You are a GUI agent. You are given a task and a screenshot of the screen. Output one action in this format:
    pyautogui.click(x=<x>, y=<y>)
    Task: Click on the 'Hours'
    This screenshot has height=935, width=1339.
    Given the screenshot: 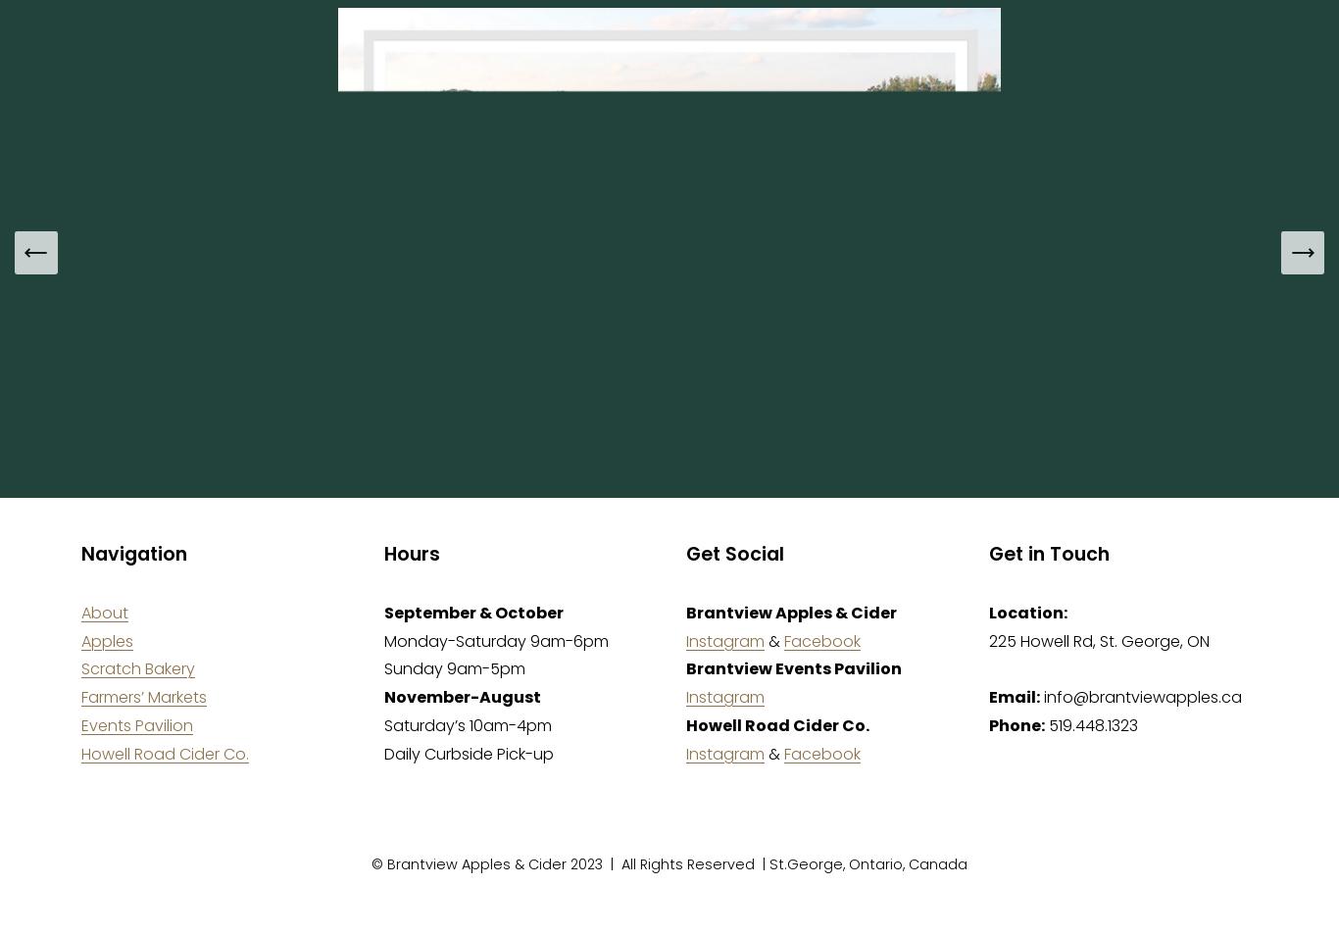 What is the action you would take?
    pyautogui.click(x=410, y=553)
    